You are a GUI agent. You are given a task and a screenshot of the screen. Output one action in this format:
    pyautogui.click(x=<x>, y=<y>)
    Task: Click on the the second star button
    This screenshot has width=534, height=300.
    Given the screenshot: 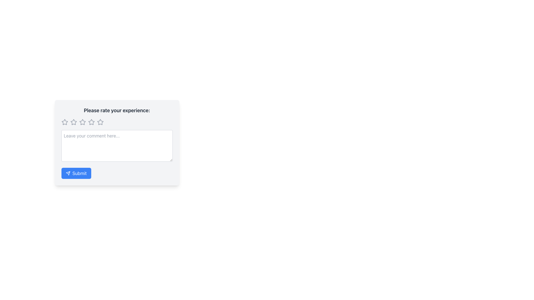 What is the action you would take?
    pyautogui.click(x=73, y=122)
    